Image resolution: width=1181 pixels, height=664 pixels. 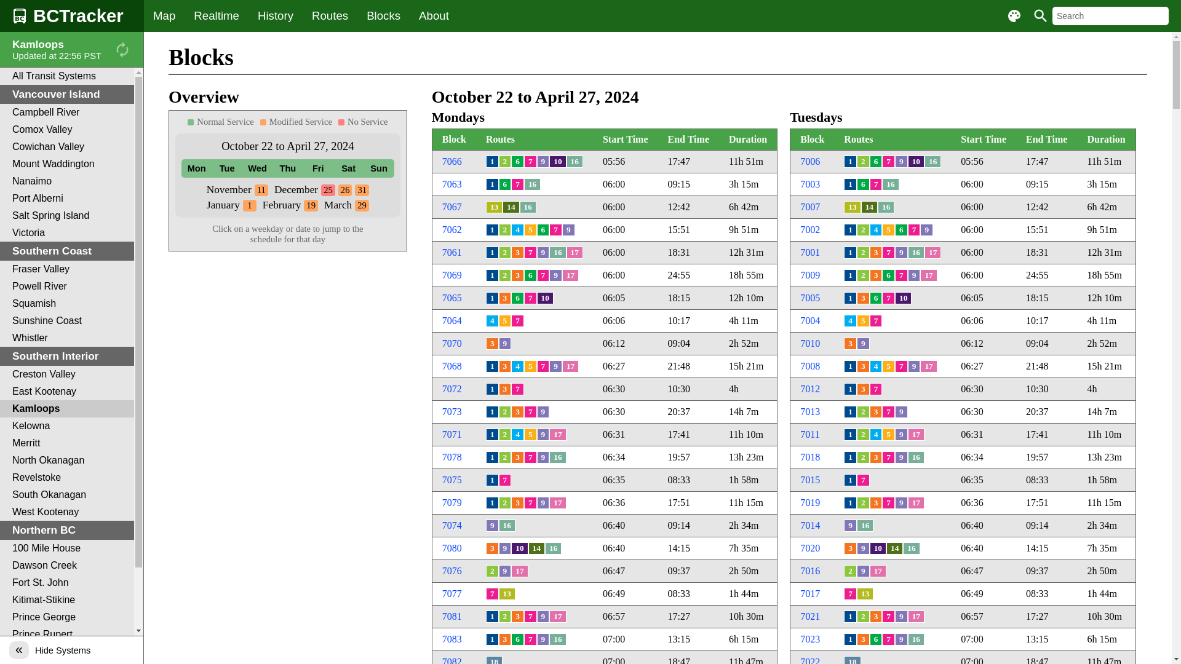 I want to click on '7075', so click(x=451, y=479).